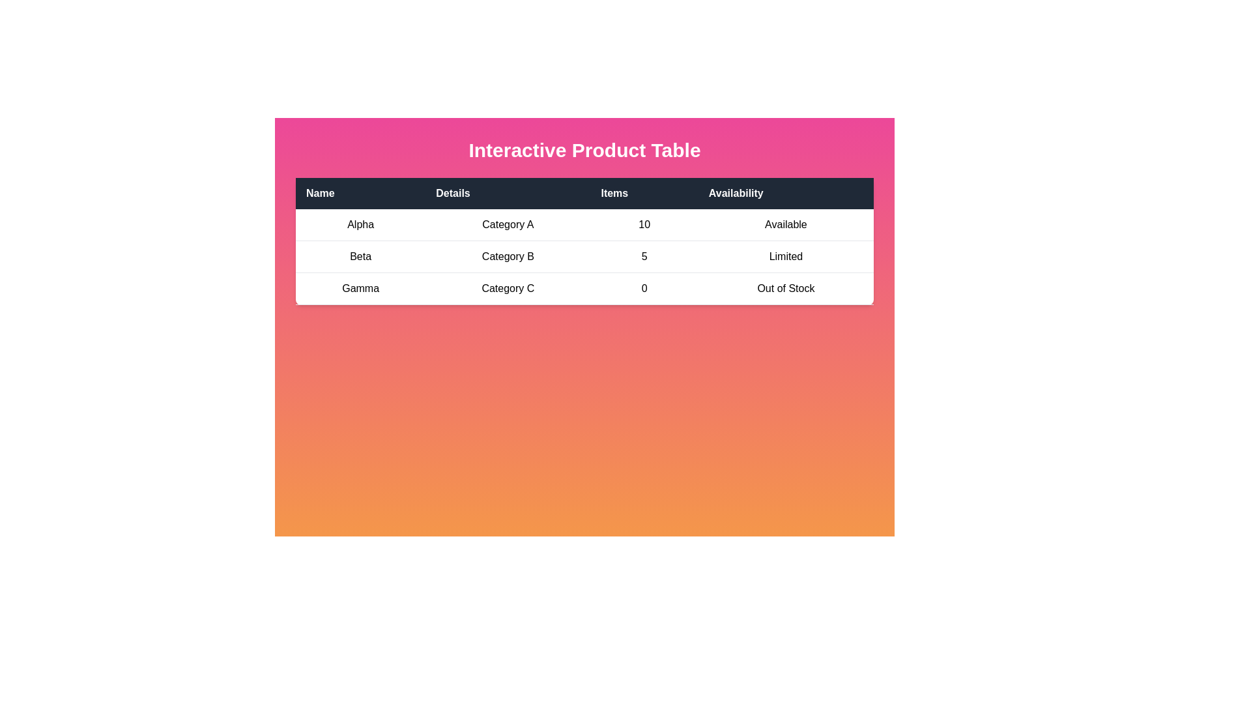 The width and height of the screenshot is (1251, 704). What do you see at coordinates (507, 288) in the screenshot?
I see `the Text label in the 'Details' column that describes the 'Gamma' entry in the table, located between the 'Gamma' cell and the '0' cell` at bounding box center [507, 288].